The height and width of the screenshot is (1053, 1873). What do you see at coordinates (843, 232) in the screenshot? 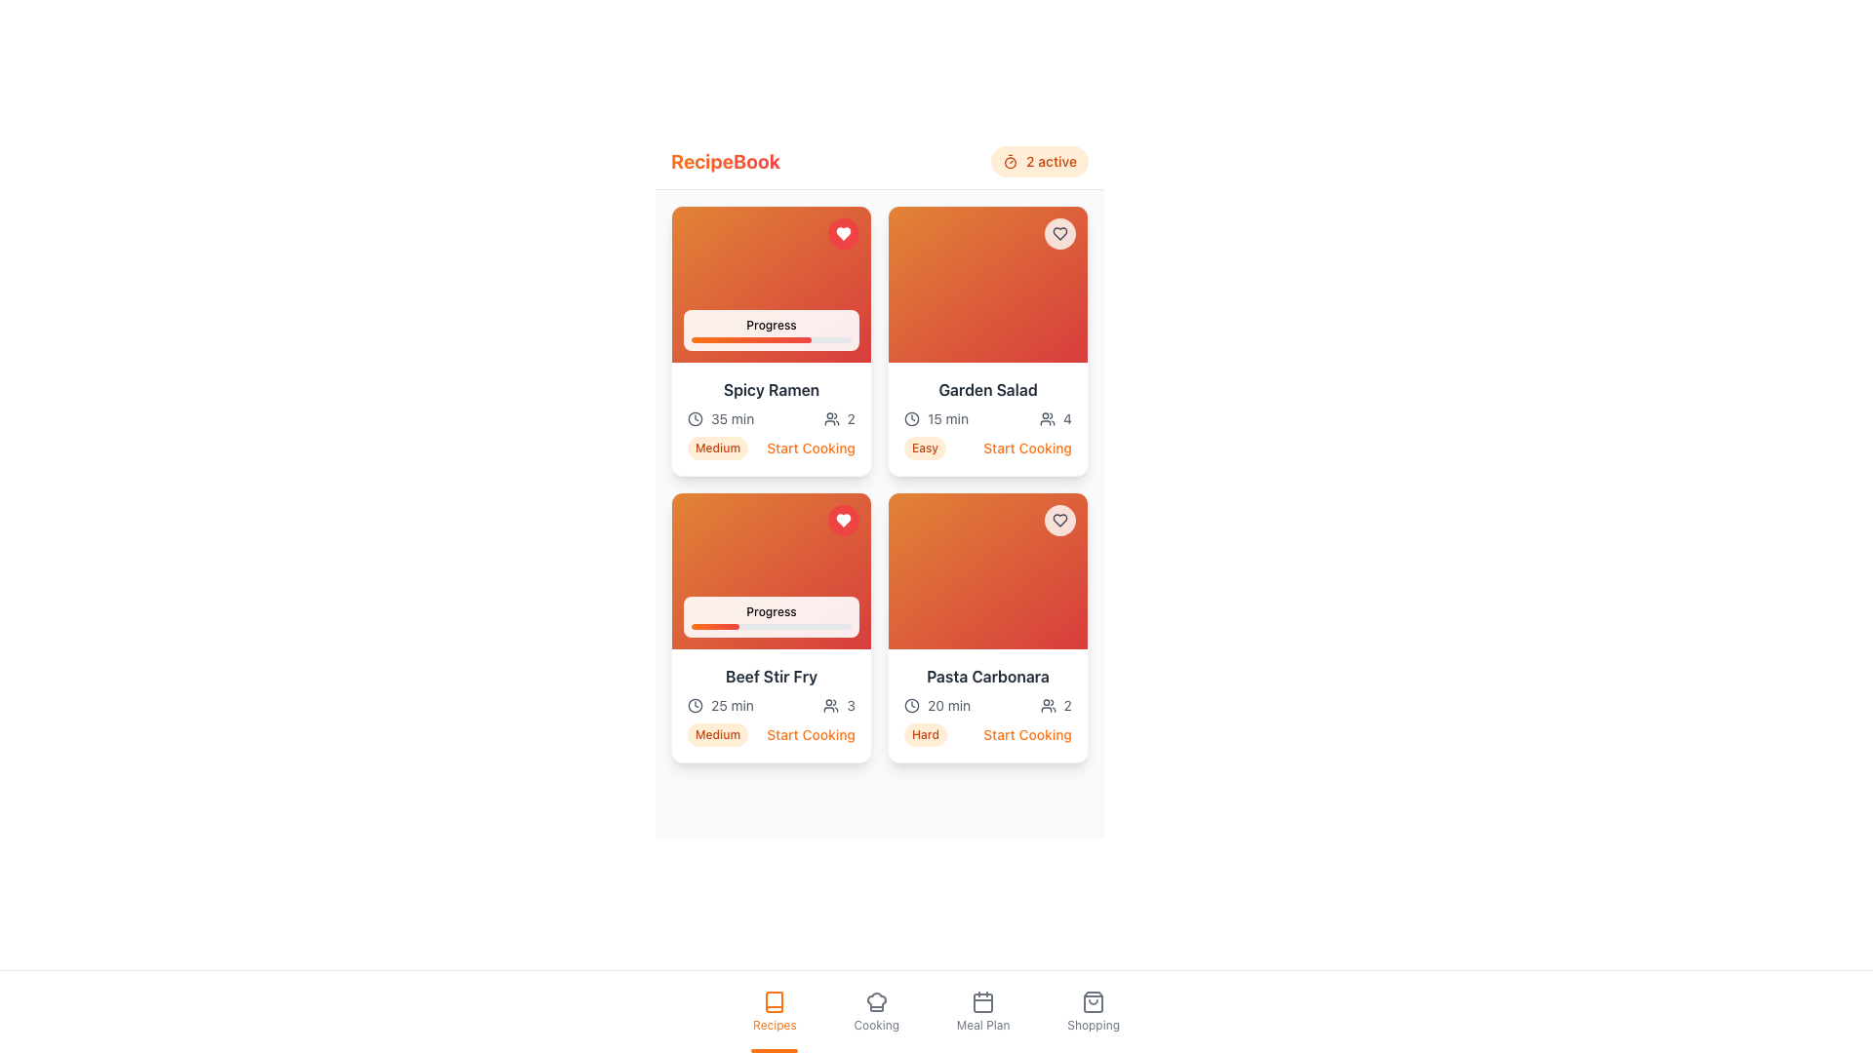
I see `the heart-shaped icon with a white fill and red border in the top-right corner of the 'Spicy Ramen' card` at bounding box center [843, 232].